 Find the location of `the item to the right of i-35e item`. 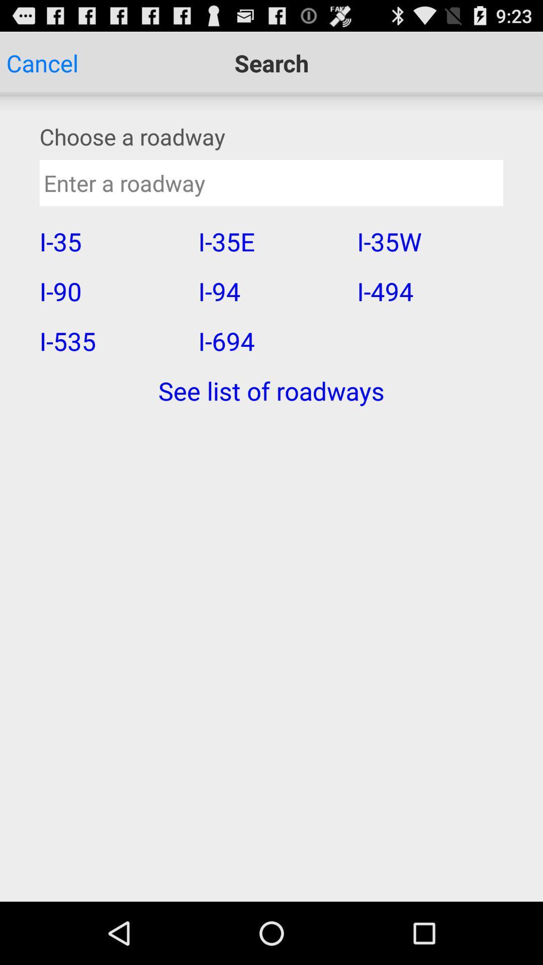

the item to the right of i-35e item is located at coordinates (430, 291).